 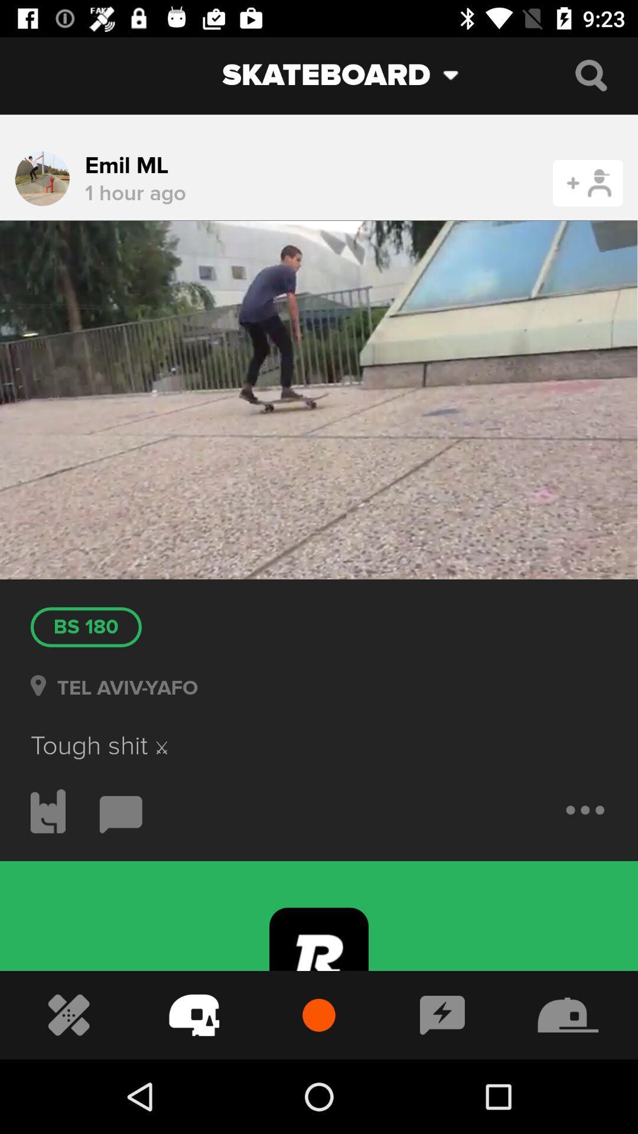 I want to click on the expand_more icon, so click(x=459, y=74).